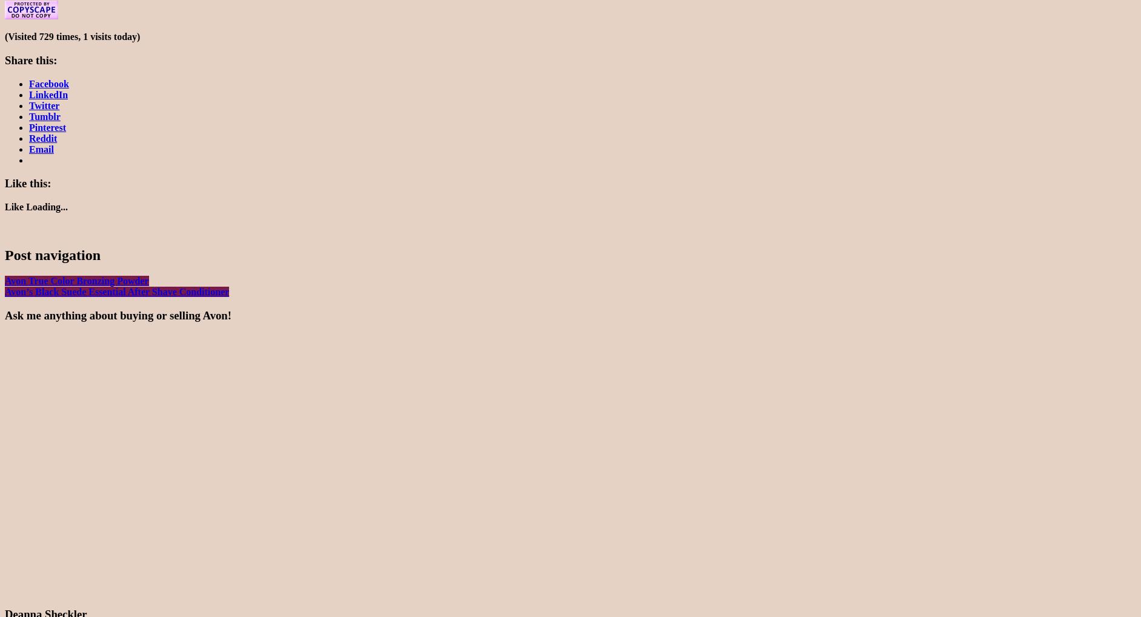 The image size is (1141, 617). I want to click on 'Facebook', so click(28, 82).